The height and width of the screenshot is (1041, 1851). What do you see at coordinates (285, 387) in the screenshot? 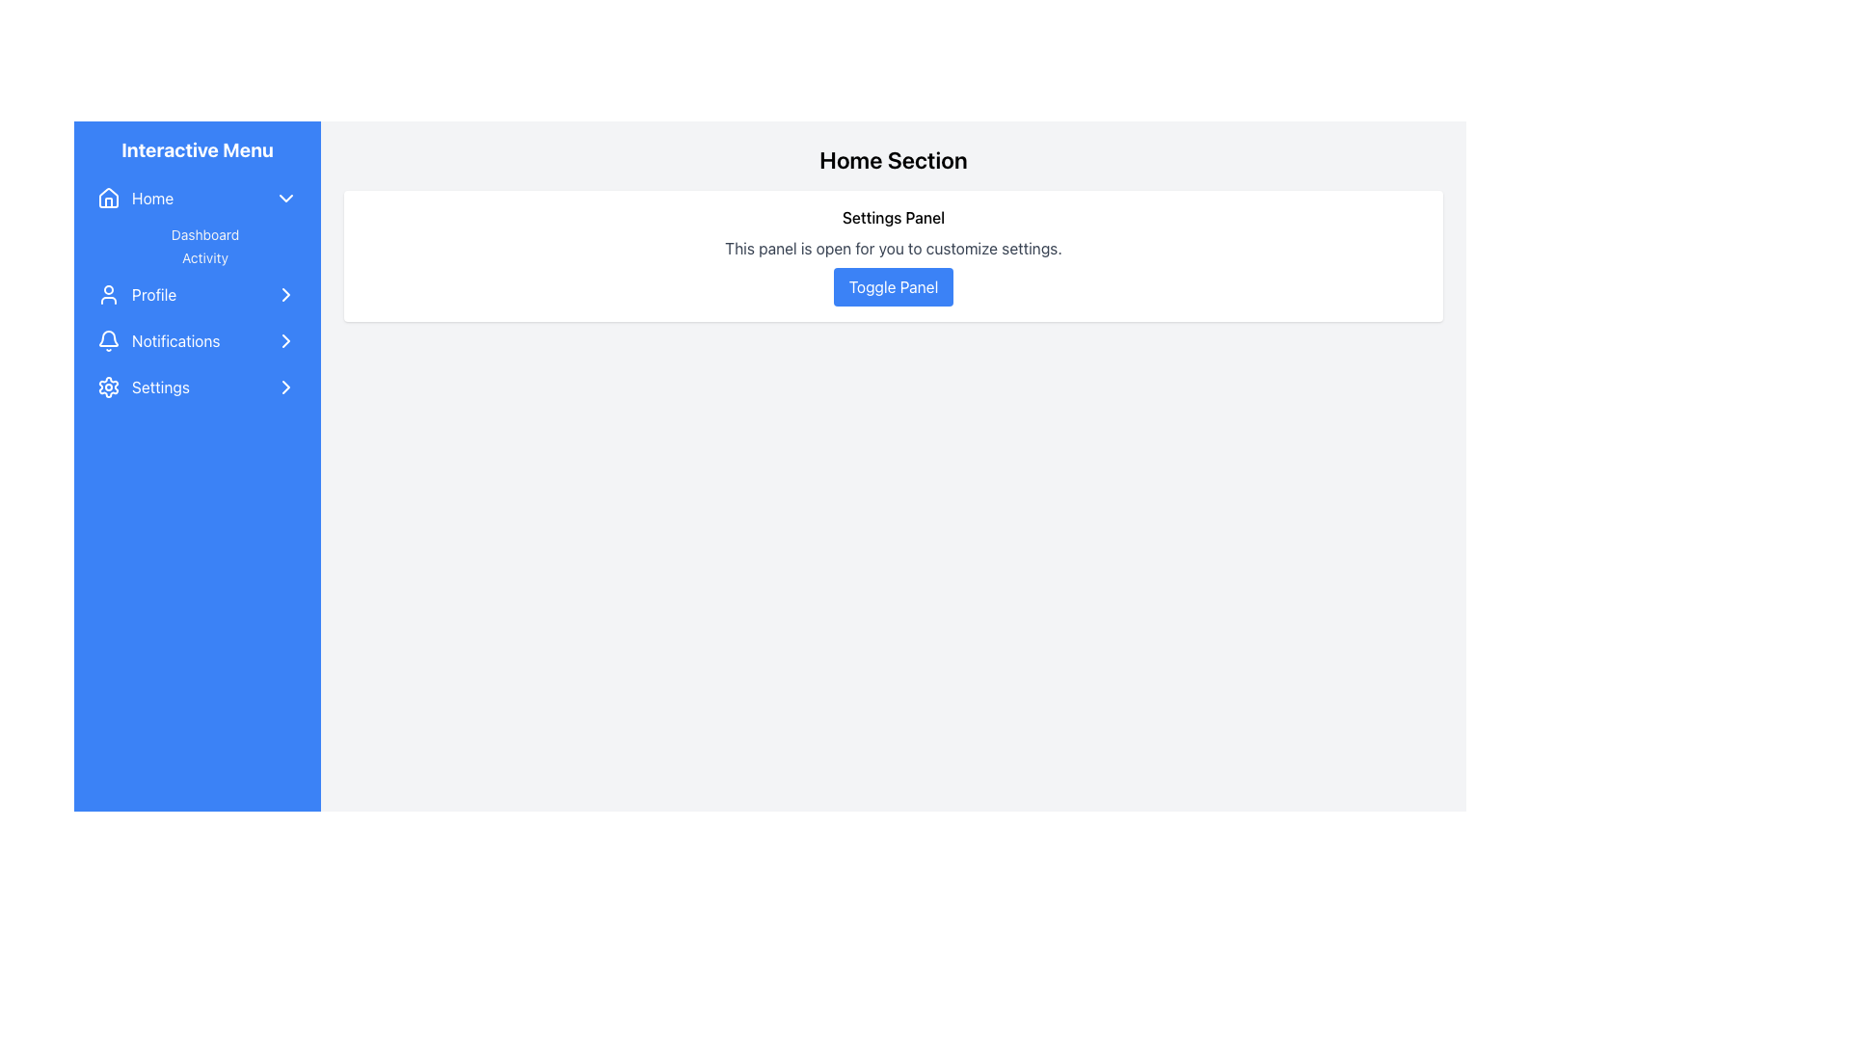
I see `the right-pointing chevron icon next to the 'Settings' menu item` at bounding box center [285, 387].